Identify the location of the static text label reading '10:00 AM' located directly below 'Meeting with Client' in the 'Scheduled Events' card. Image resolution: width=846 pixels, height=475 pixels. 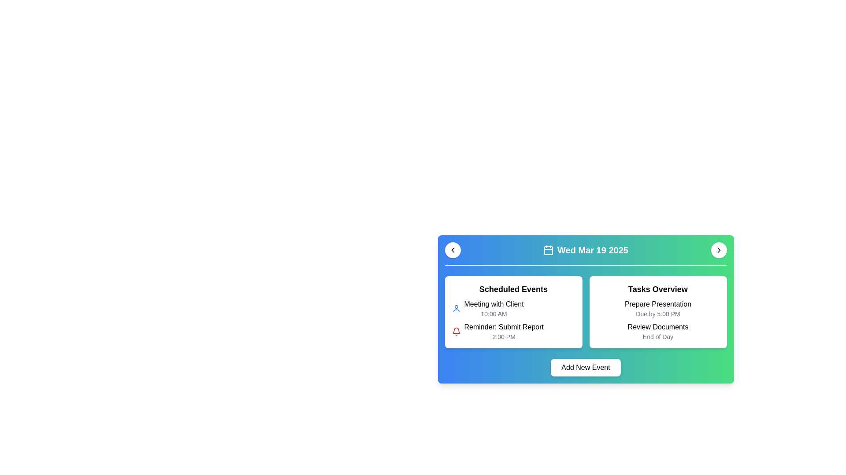
(494, 313).